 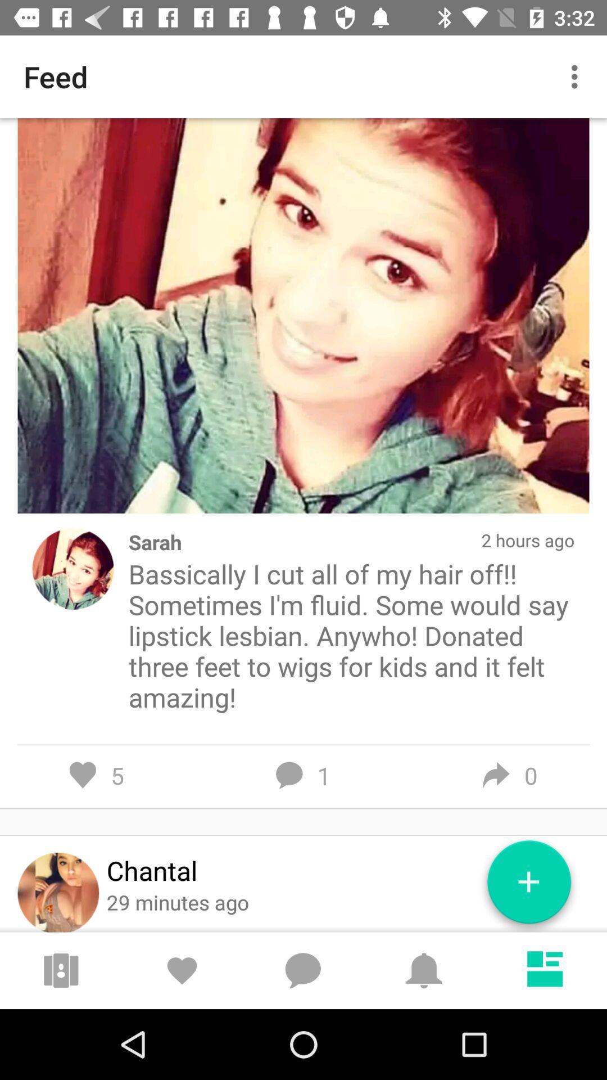 I want to click on the add icon, so click(x=529, y=886).